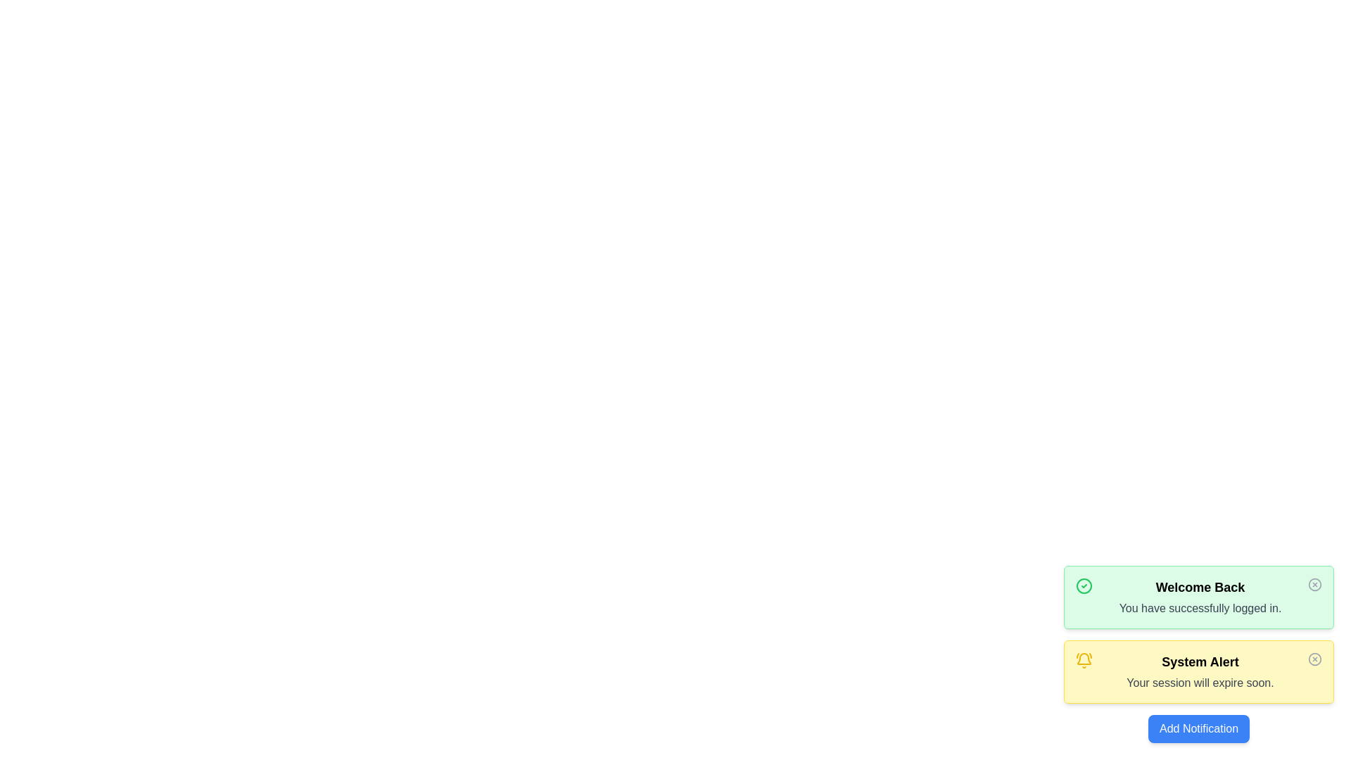 Image resolution: width=1351 pixels, height=760 pixels. Describe the element at coordinates (1199, 607) in the screenshot. I see `the text message 'You have successfully logged in.' which is located below the title 'Welcome Back' in a green notification box at the top right of the application` at that location.